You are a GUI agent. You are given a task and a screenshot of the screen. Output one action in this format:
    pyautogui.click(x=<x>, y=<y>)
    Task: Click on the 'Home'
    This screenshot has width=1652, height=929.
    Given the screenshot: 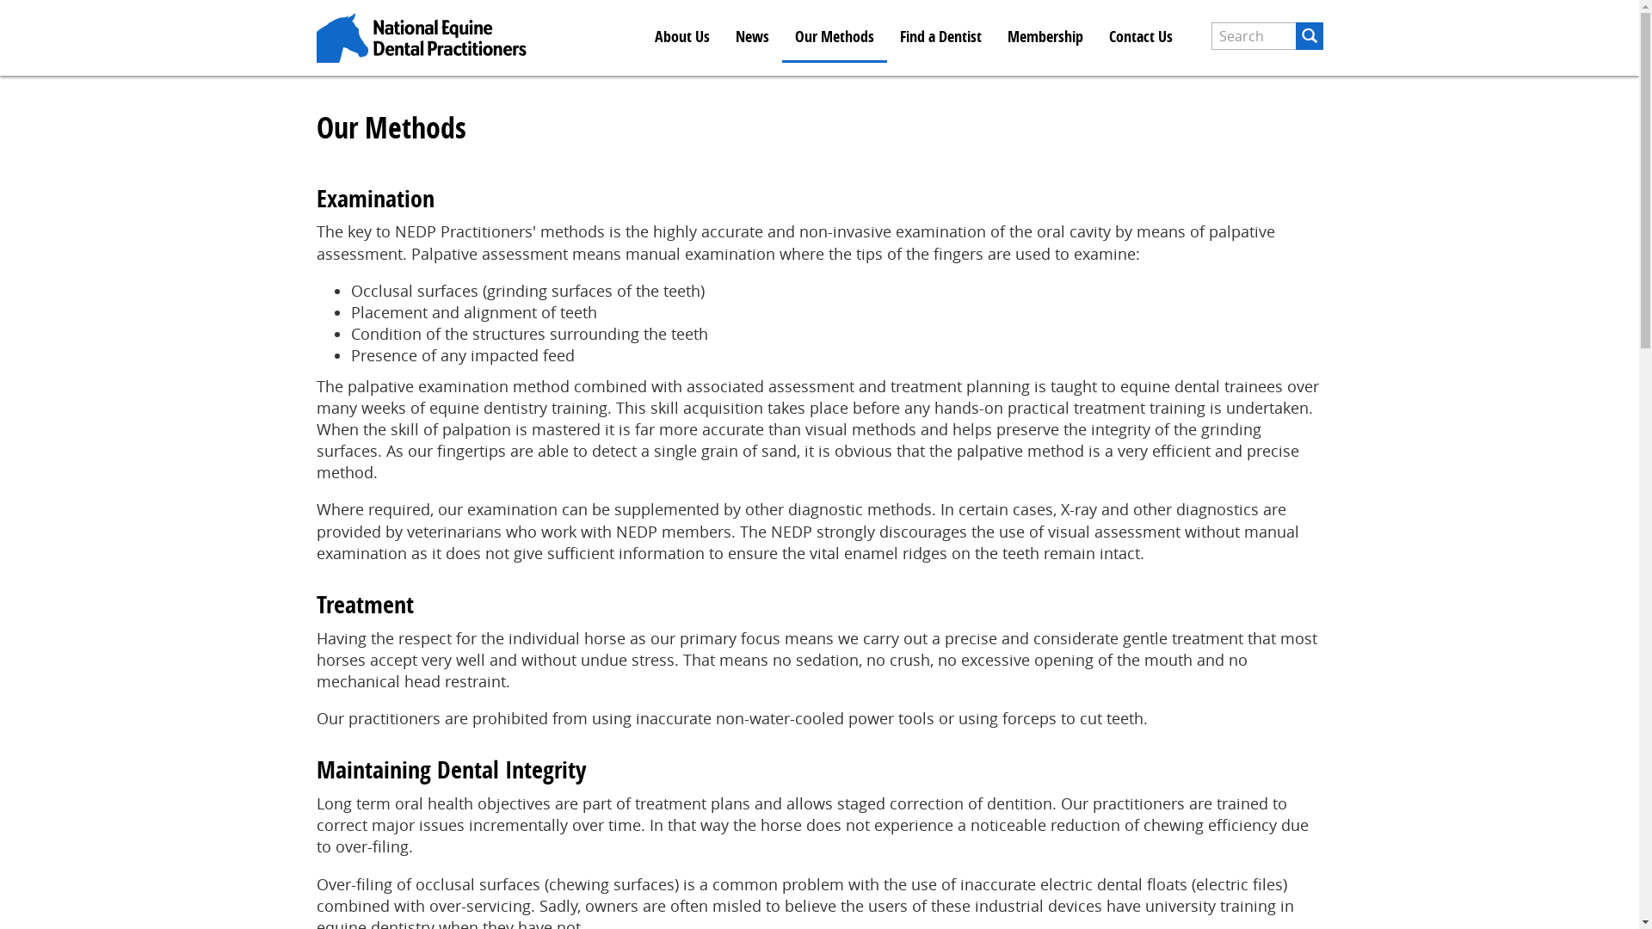 What is the action you would take?
    pyautogui.click(x=424, y=36)
    